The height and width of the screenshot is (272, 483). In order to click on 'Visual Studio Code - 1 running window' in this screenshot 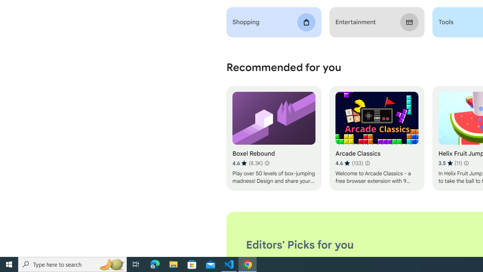, I will do `click(229, 264)`.